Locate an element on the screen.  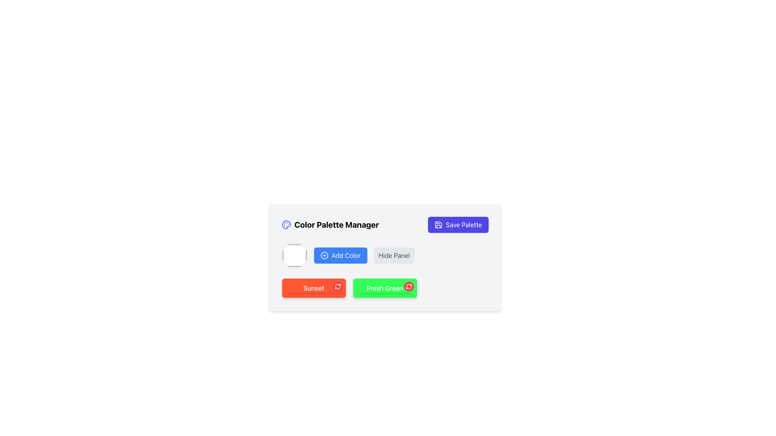
the 'Fresh Green' button located at the top-right corner of the green context box is located at coordinates (409, 286).